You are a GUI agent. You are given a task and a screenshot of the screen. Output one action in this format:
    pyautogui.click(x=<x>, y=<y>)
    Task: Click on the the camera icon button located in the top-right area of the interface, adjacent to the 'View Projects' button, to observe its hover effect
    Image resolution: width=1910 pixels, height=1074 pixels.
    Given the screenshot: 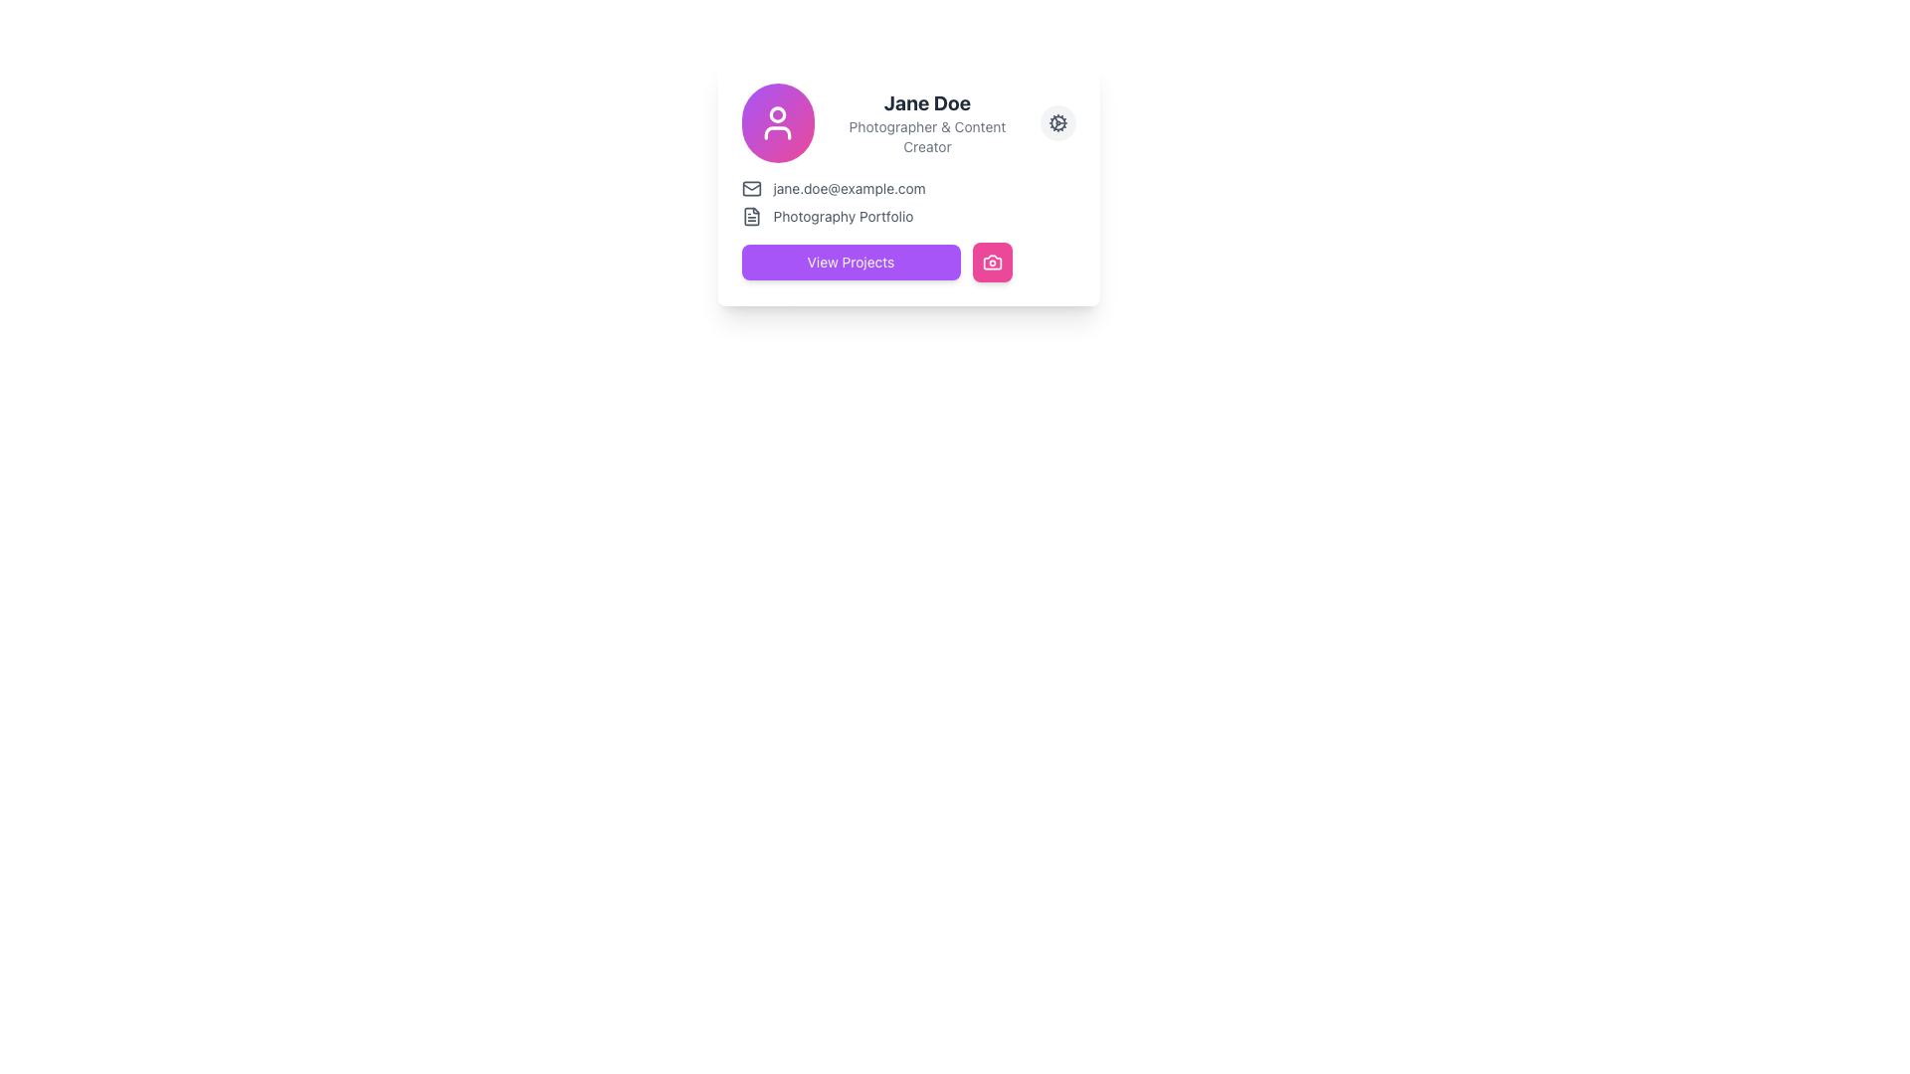 What is the action you would take?
    pyautogui.click(x=992, y=261)
    